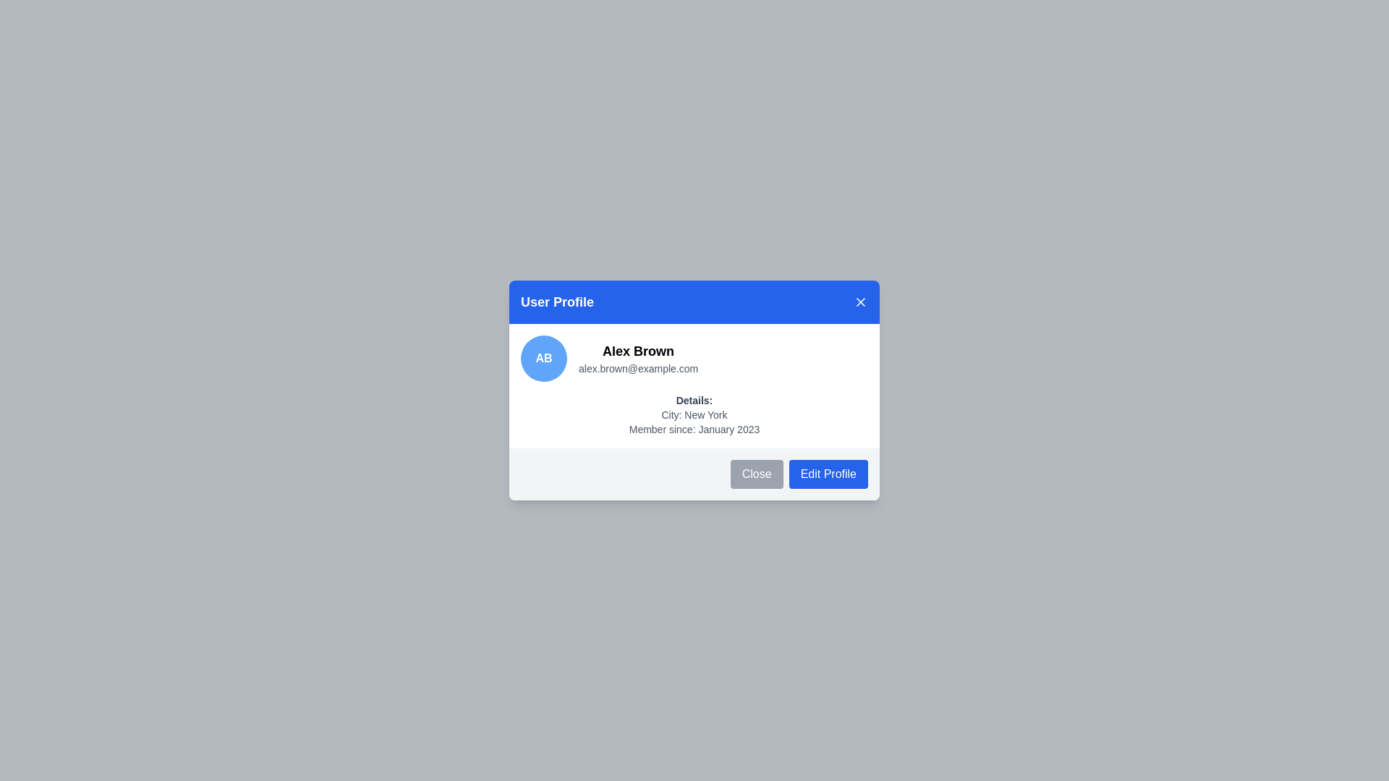 Image resolution: width=1389 pixels, height=781 pixels. What do you see at coordinates (694, 415) in the screenshot?
I see `the static text element that displays the user's city of residence, which is located in the lower half of the user profile card, centered horizontally between the label 'Details:' and the line 'Member since: January 2023.'` at bounding box center [694, 415].